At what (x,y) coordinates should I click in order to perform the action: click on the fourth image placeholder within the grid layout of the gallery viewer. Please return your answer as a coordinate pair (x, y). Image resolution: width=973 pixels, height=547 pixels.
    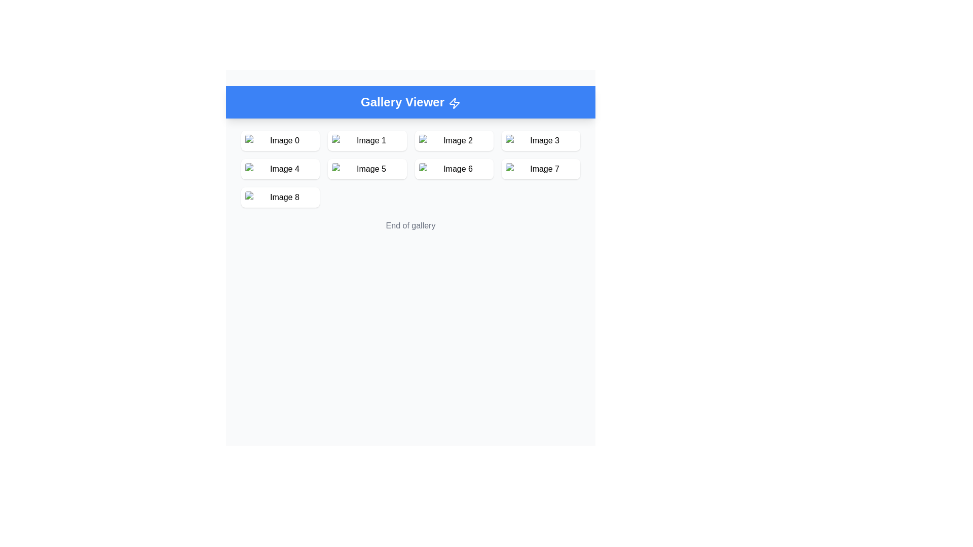
    Looking at the image, I should click on (280, 169).